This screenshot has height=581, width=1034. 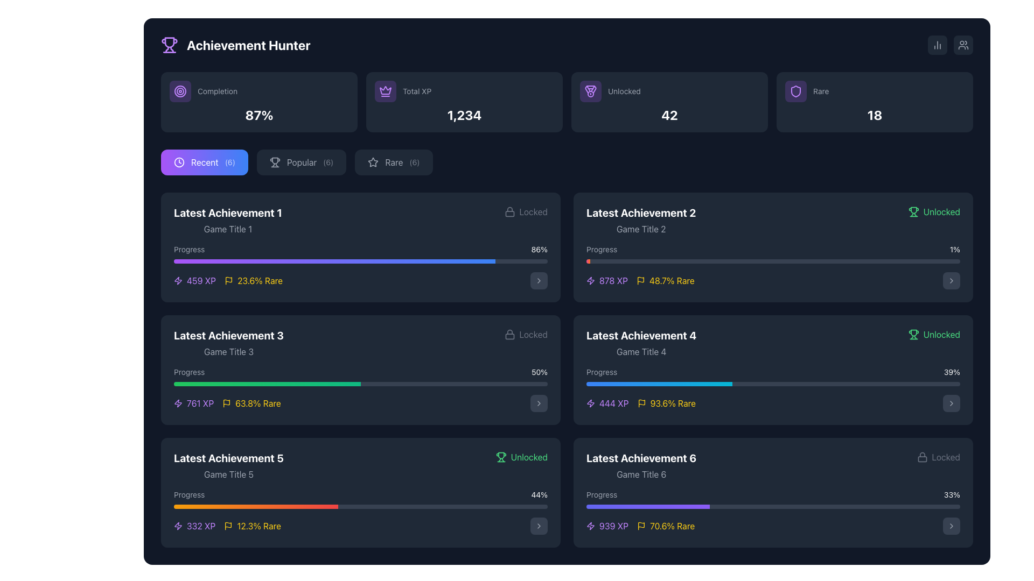 I want to click on the Progress indicator bar representing 33% completion for the 'Latest Achievement 6', so click(x=647, y=506).